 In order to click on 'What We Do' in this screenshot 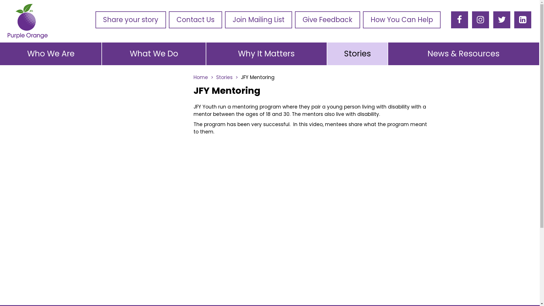, I will do `click(154, 54)`.